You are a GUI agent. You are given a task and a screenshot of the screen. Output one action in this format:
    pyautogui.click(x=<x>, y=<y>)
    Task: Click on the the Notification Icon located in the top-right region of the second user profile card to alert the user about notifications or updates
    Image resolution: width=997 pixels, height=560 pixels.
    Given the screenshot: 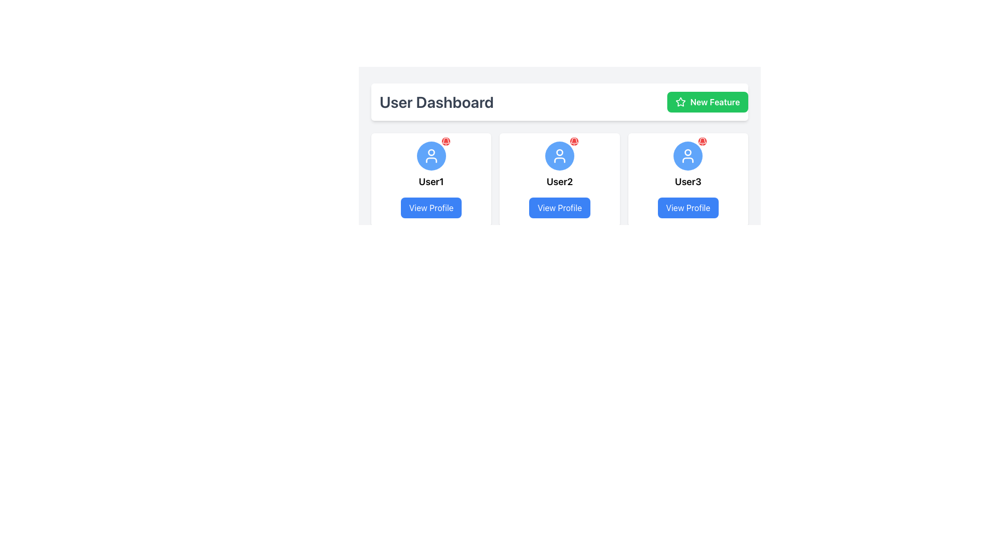 What is the action you would take?
    pyautogui.click(x=573, y=142)
    